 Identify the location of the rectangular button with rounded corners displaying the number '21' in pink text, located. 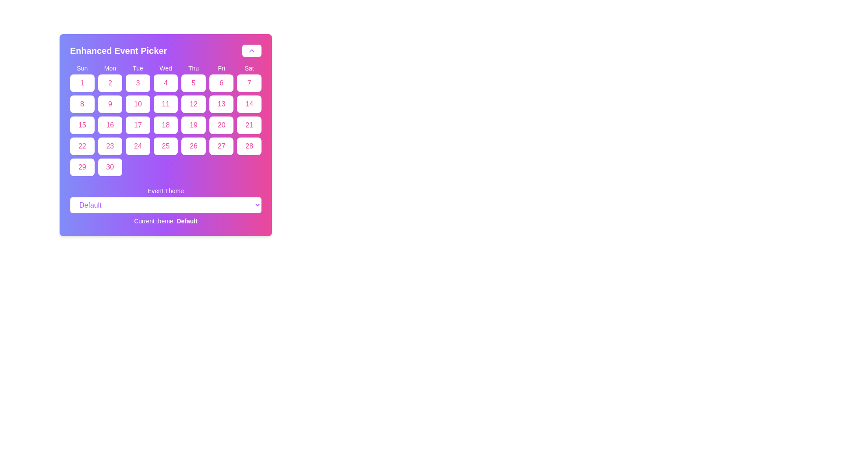
(249, 125).